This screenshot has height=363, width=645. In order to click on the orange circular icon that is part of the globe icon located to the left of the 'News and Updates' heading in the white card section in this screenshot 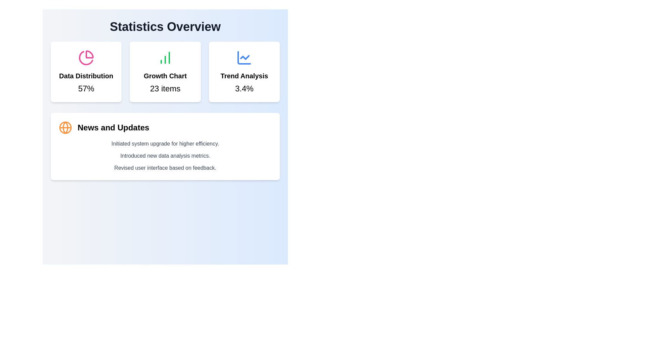, I will do `click(66, 128)`.